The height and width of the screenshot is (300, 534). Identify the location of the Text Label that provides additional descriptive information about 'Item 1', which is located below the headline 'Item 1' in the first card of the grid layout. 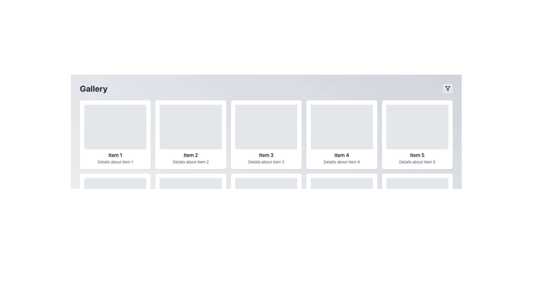
(115, 162).